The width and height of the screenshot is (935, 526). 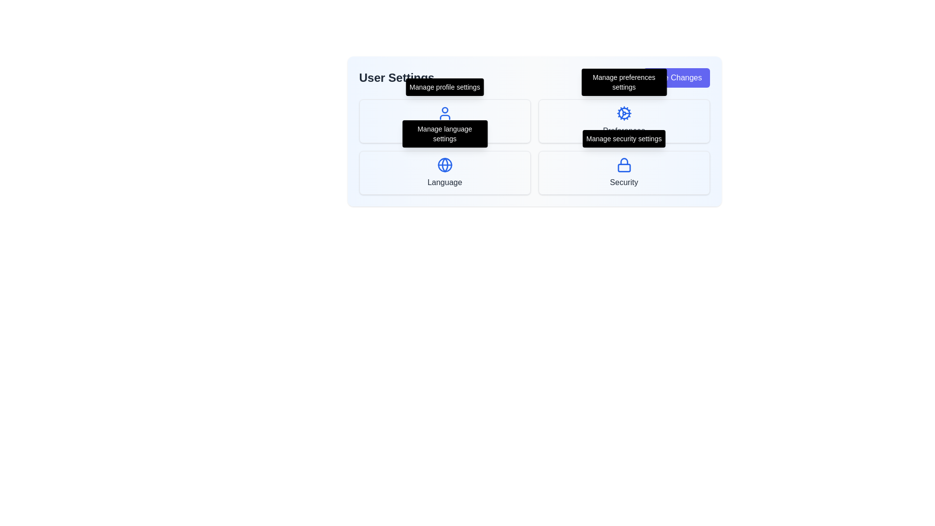 I want to click on the first card in the grid layout, so click(x=444, y=121).